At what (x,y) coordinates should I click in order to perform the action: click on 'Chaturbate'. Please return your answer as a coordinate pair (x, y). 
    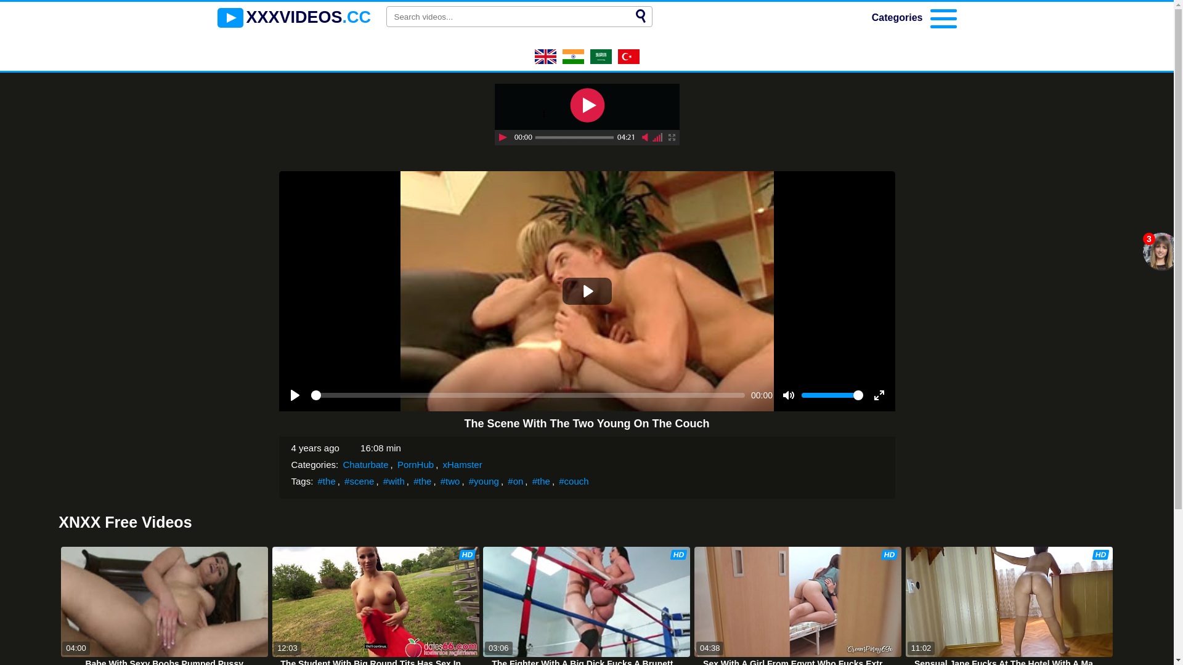
    Looking at the image, I should click on (365, 464).